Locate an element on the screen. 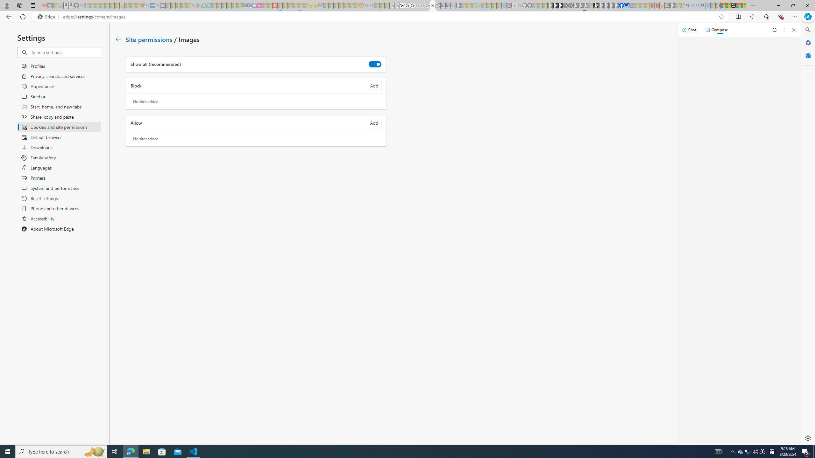 This screenshot has height=458, width=815. 'Privacy Help Center - Policies Help' is located at coordinates (407, 5).